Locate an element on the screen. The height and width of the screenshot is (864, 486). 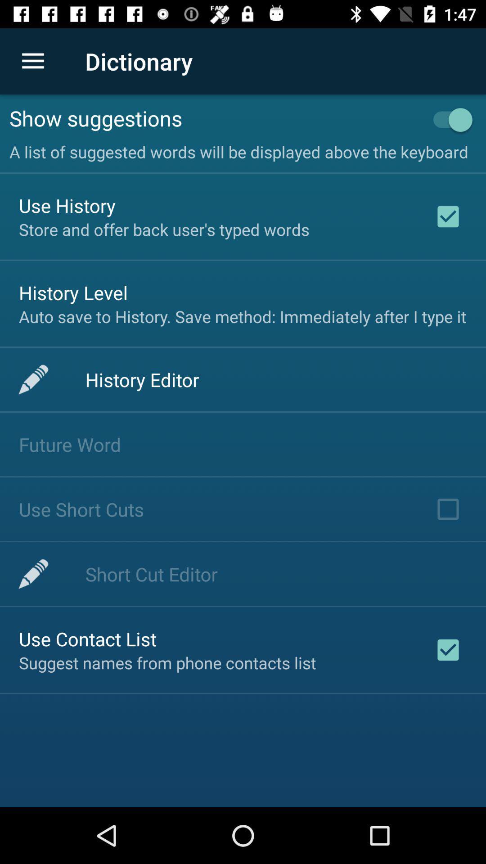
icon below use history icon is located at coordinates (164, 229).